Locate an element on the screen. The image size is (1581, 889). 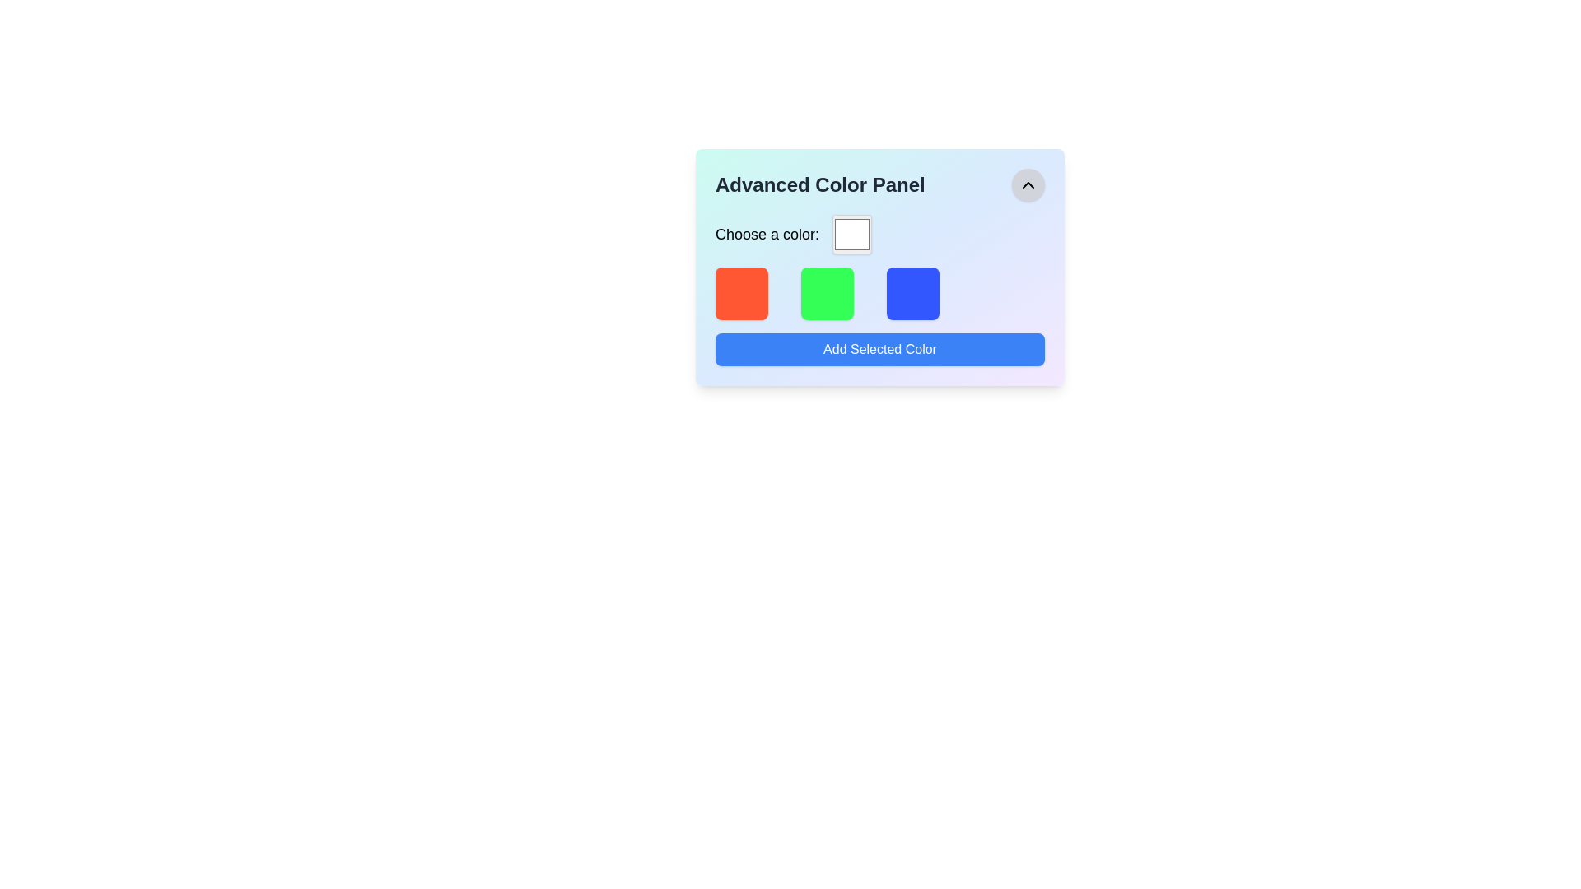
the text label displaying 'Choose a color:' which is styled with a large font size and medium font weight, located near the top-left of a color selection interface is located at coordinates (766, 235).